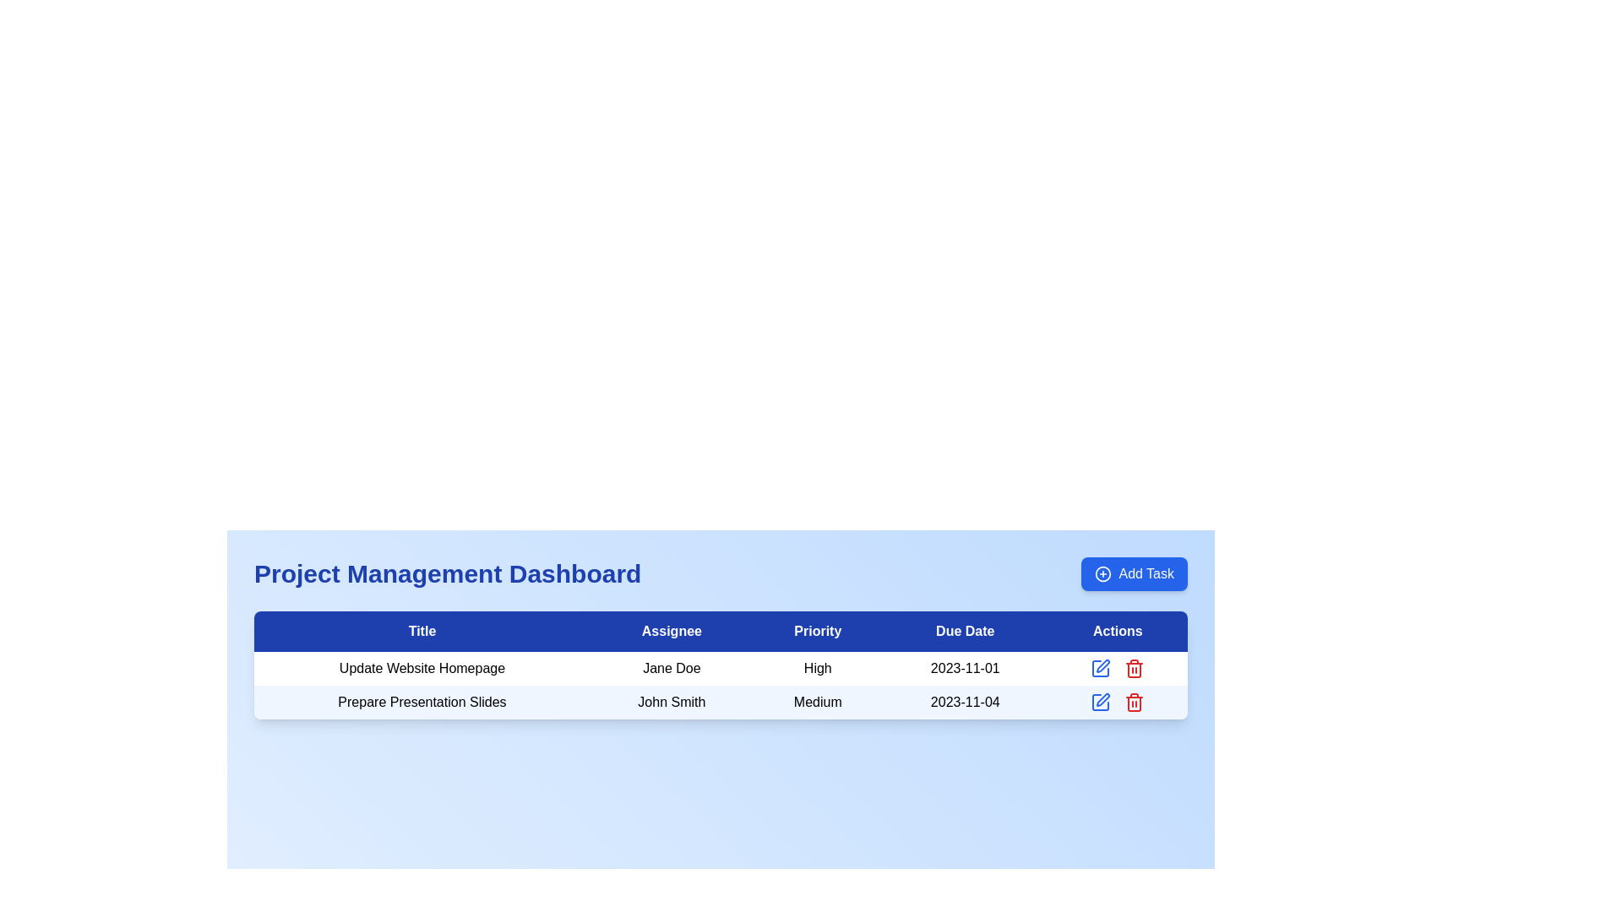 Image resolution: width=1622 pixels, height=912 pixels. Describe the element at coordinates (965, 667) in the screenshot. I see `the 'Due Date' text label in the first row of the task table, which displays the due date for the corresponding task` at that location.